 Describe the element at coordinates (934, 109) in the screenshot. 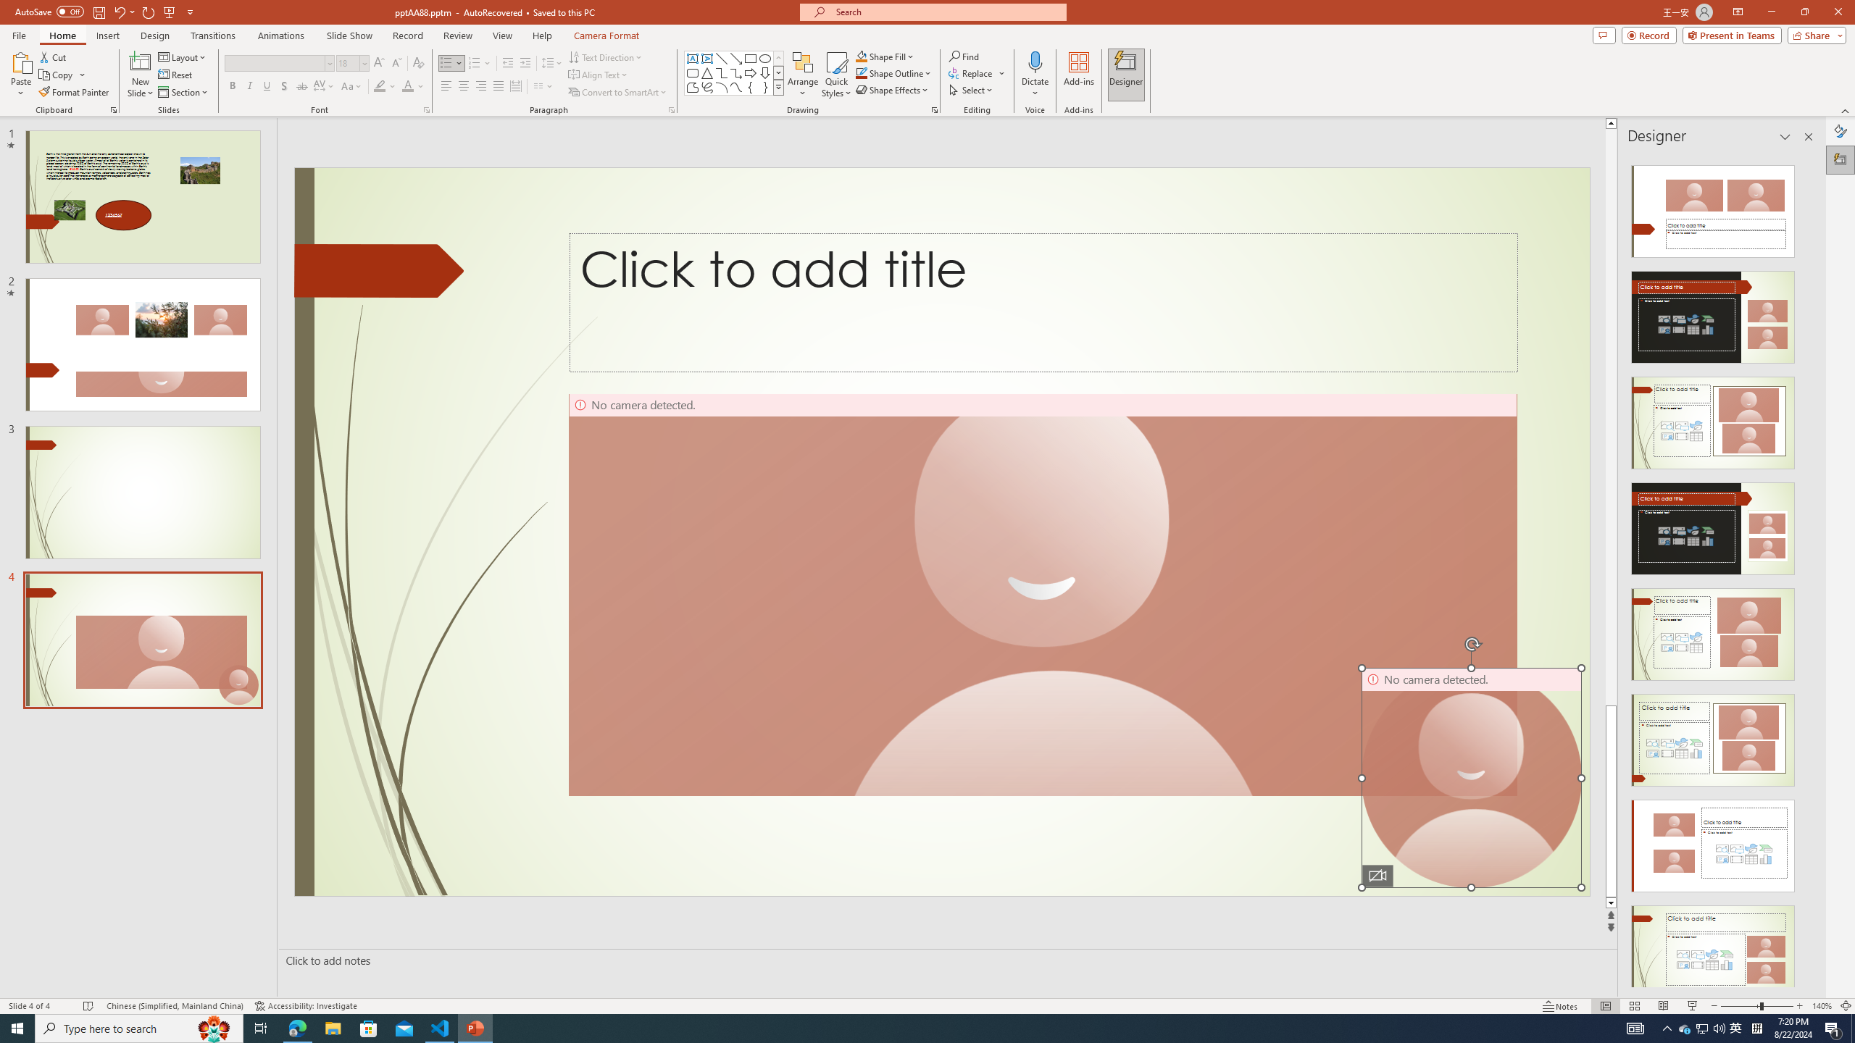

I see `'Format Object...'` at that location.